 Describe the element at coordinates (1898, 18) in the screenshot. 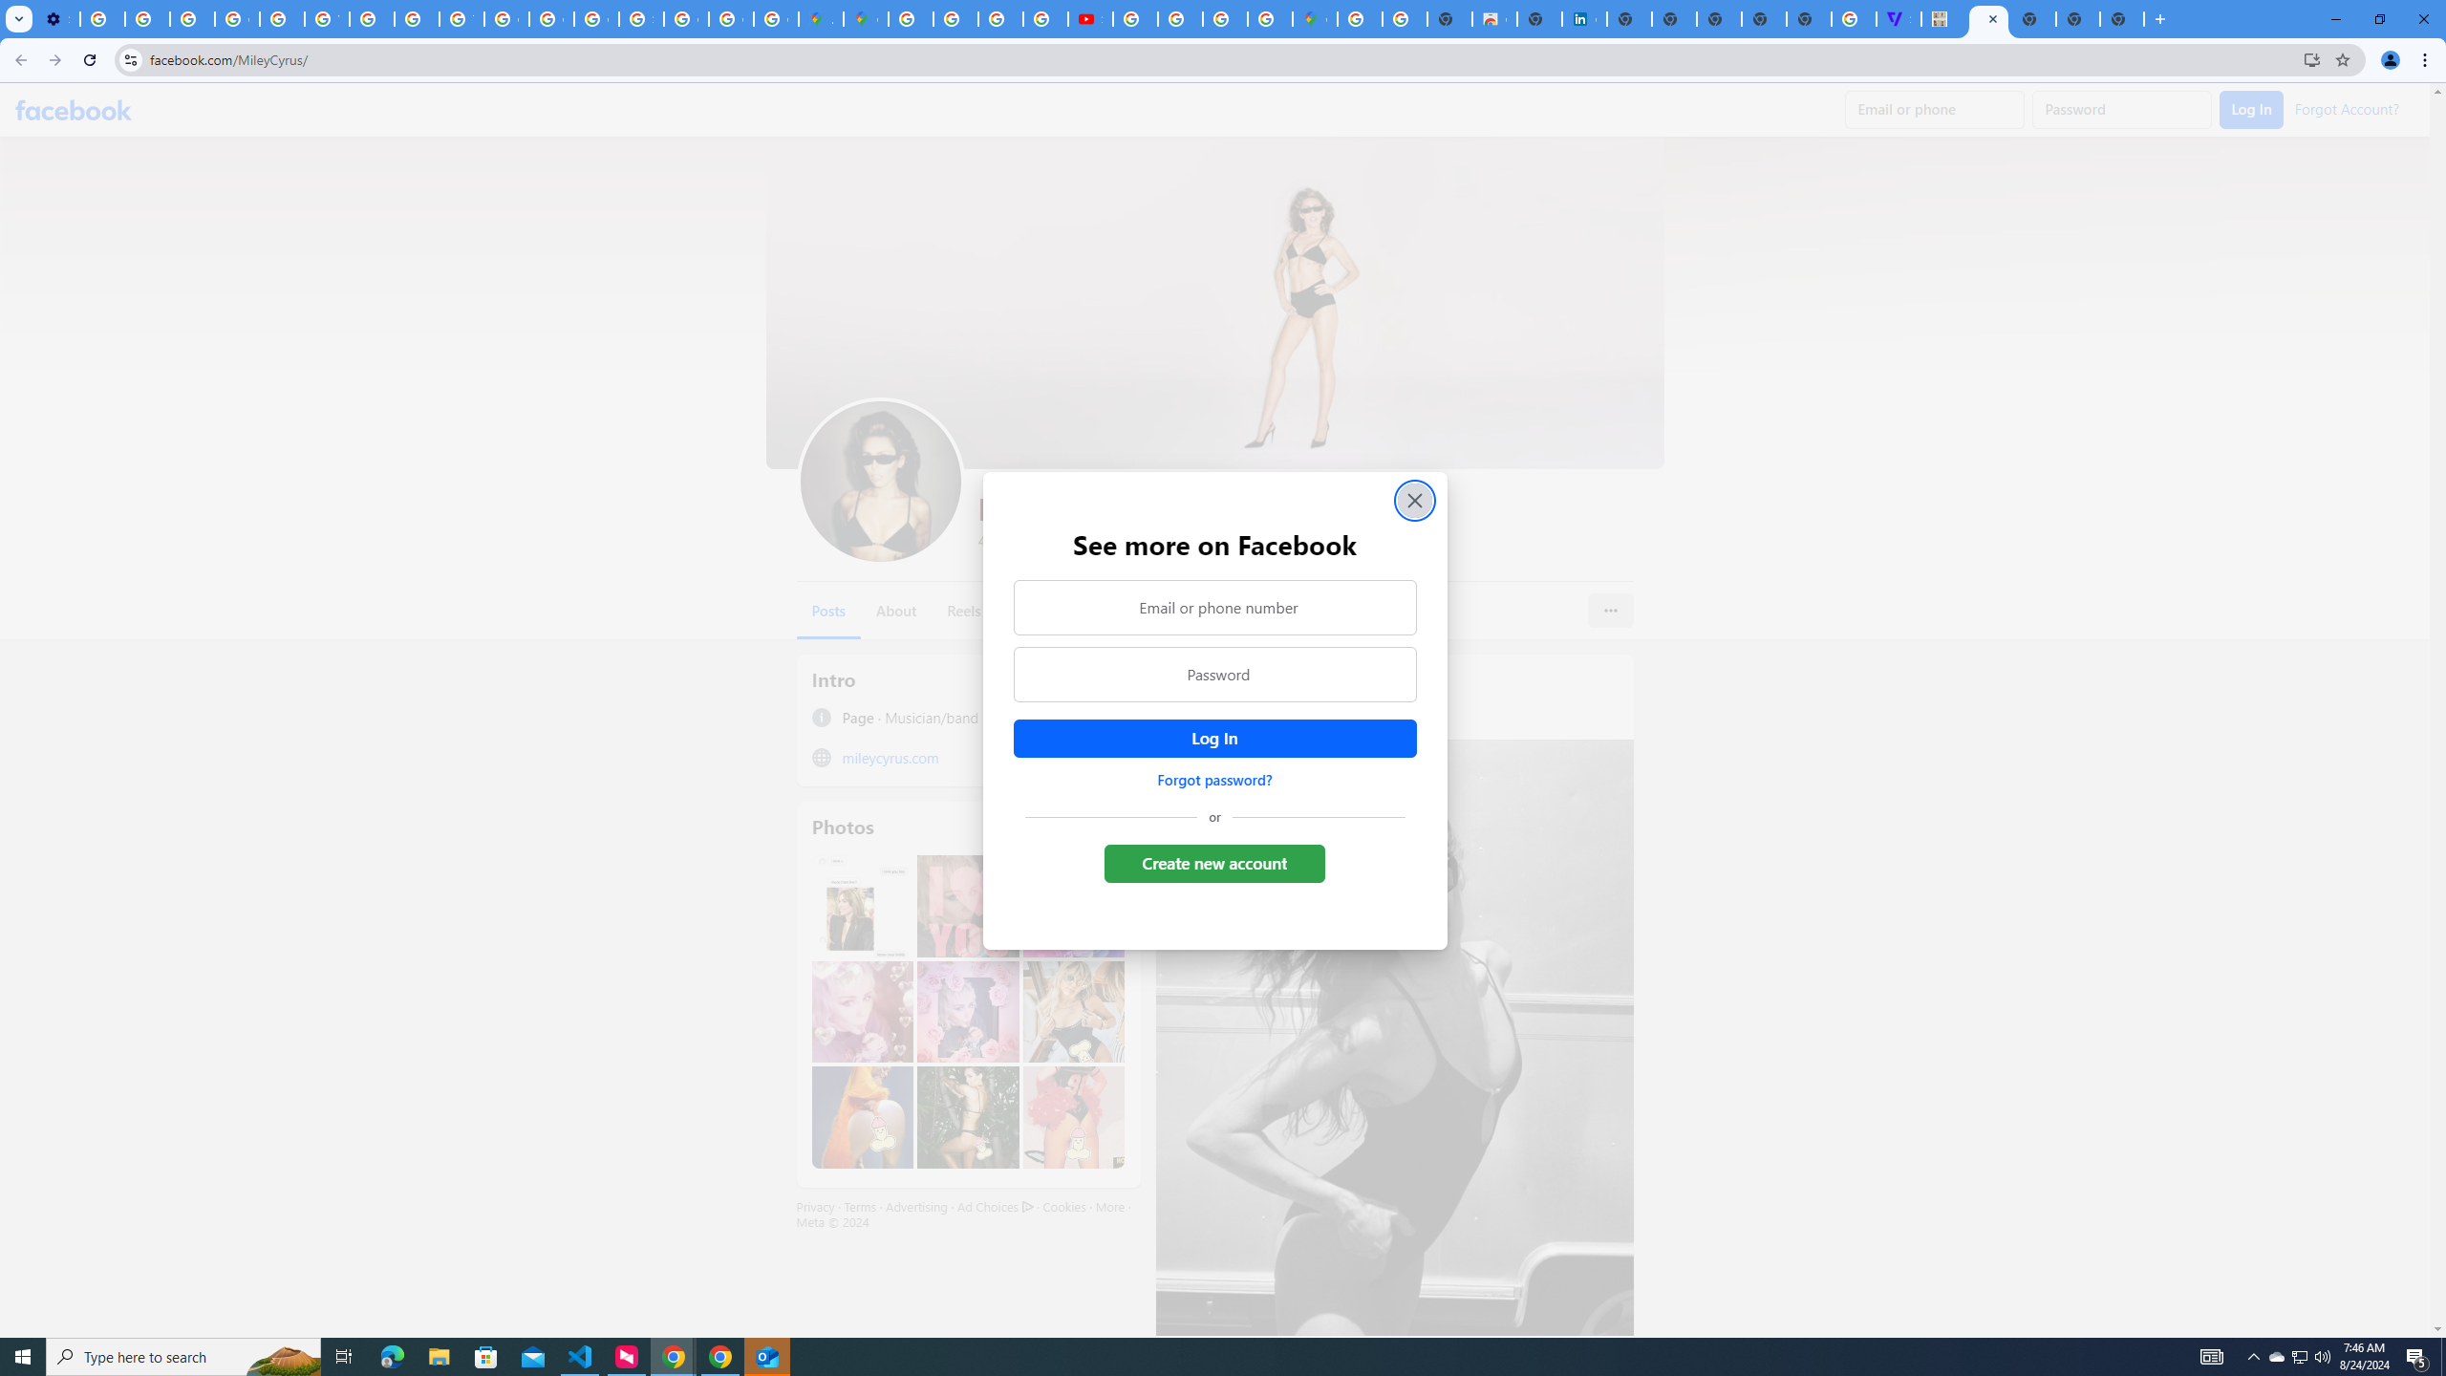

I see `'Streaming - The Verge'` at that location.